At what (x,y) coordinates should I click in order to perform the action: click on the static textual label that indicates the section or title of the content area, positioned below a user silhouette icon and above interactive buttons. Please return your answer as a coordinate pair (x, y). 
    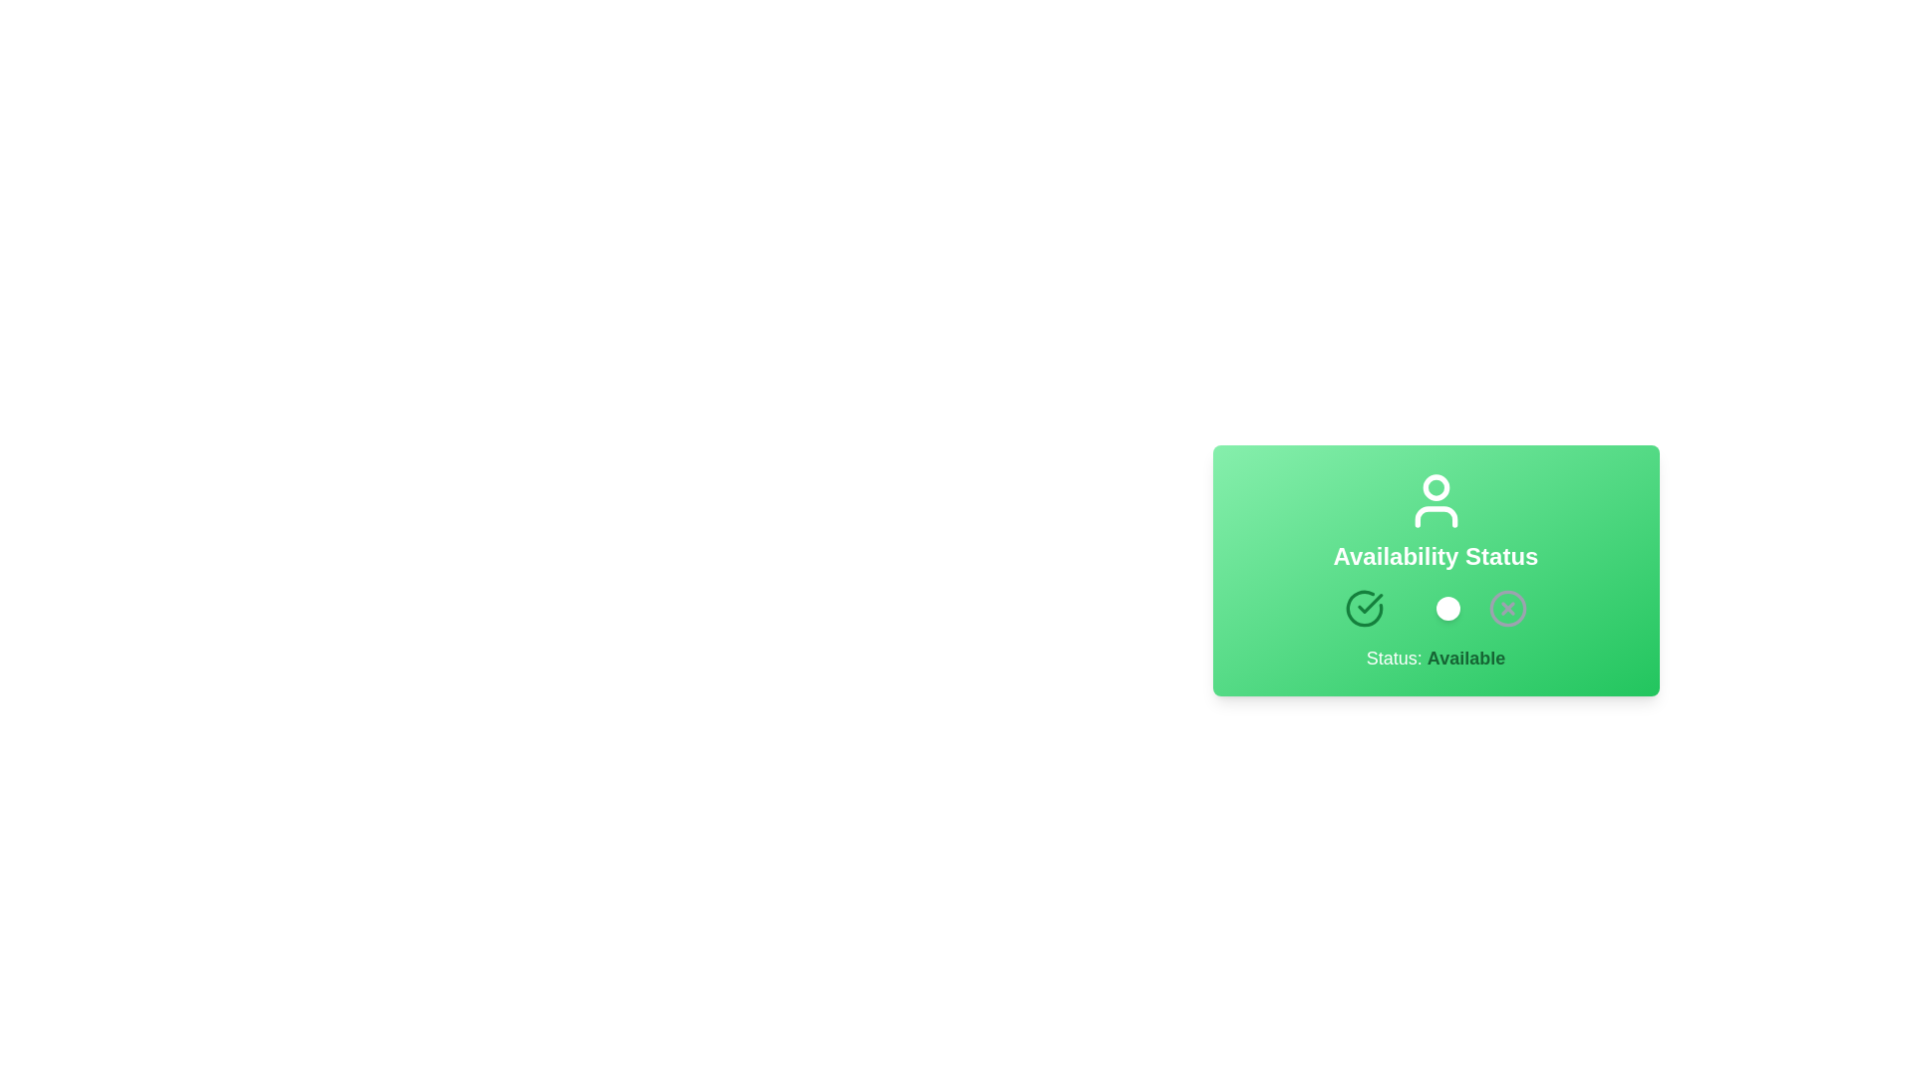
    Looking at the image, I should click on (1435, 557).